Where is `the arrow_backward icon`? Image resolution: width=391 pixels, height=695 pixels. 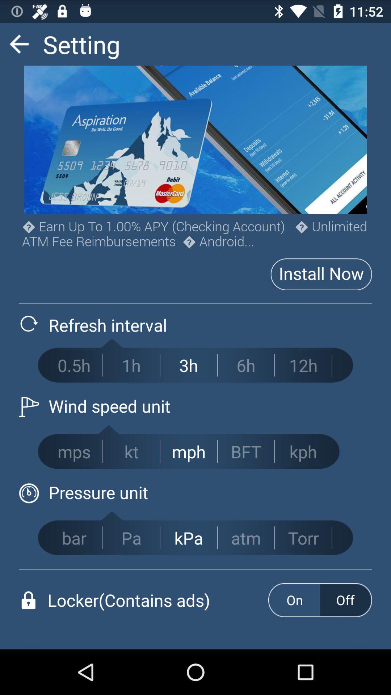 the arrow_backward icon is located at coordinates (18, 47).